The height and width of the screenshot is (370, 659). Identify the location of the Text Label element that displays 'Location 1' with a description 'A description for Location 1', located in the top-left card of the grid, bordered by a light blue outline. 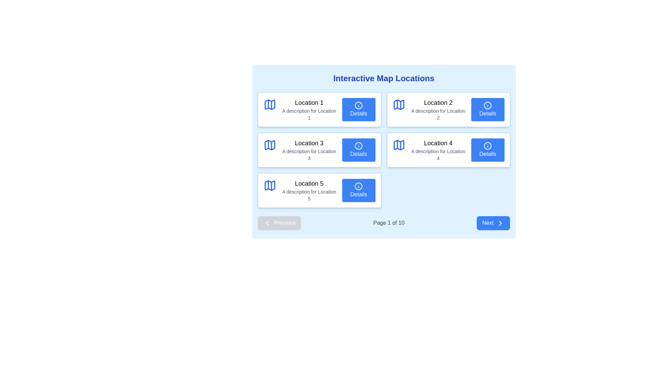
(309, 109).